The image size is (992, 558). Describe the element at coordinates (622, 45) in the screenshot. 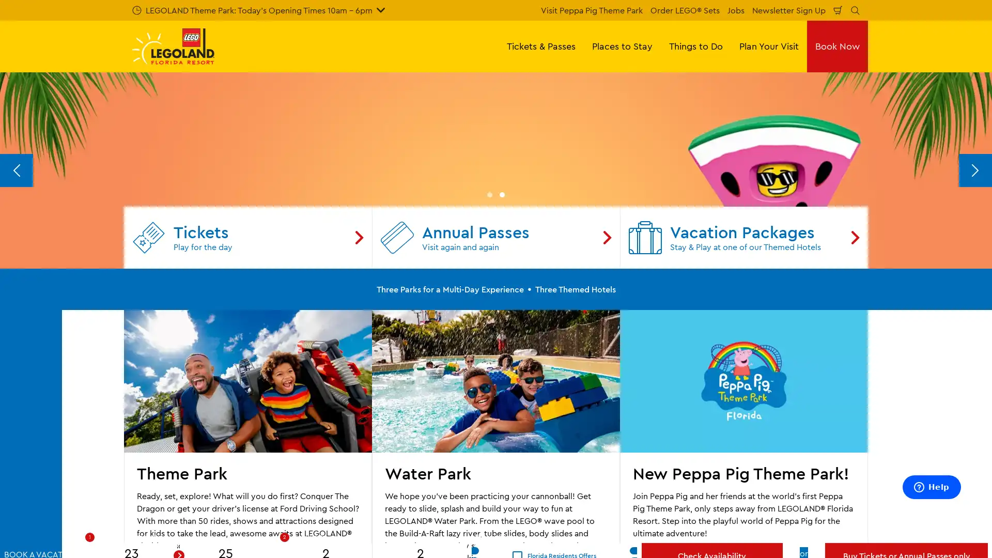

I see `Places to Stay` at that location.